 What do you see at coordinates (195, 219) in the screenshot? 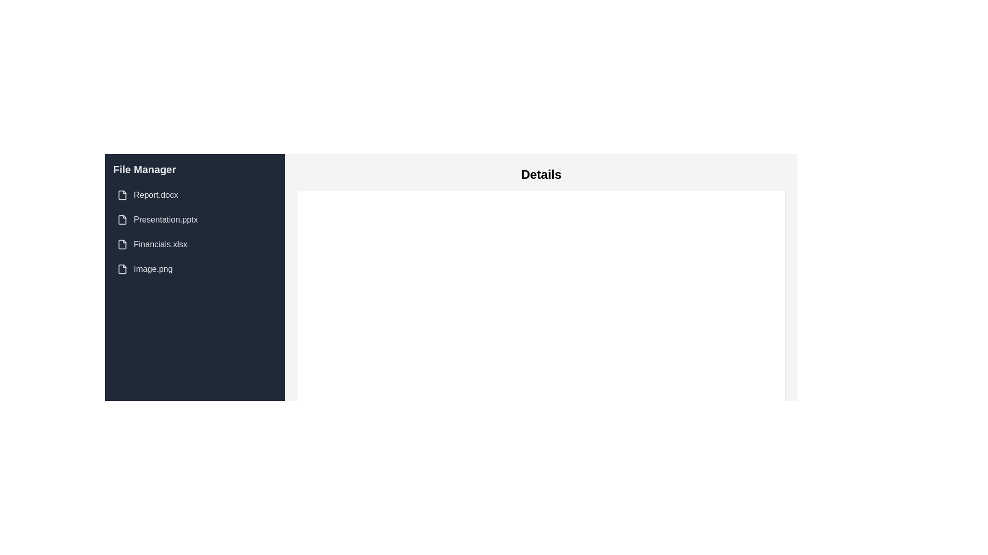
I see `the list item representing the file entry 'Presentation.pptx'` at bounding box center [195, 219].